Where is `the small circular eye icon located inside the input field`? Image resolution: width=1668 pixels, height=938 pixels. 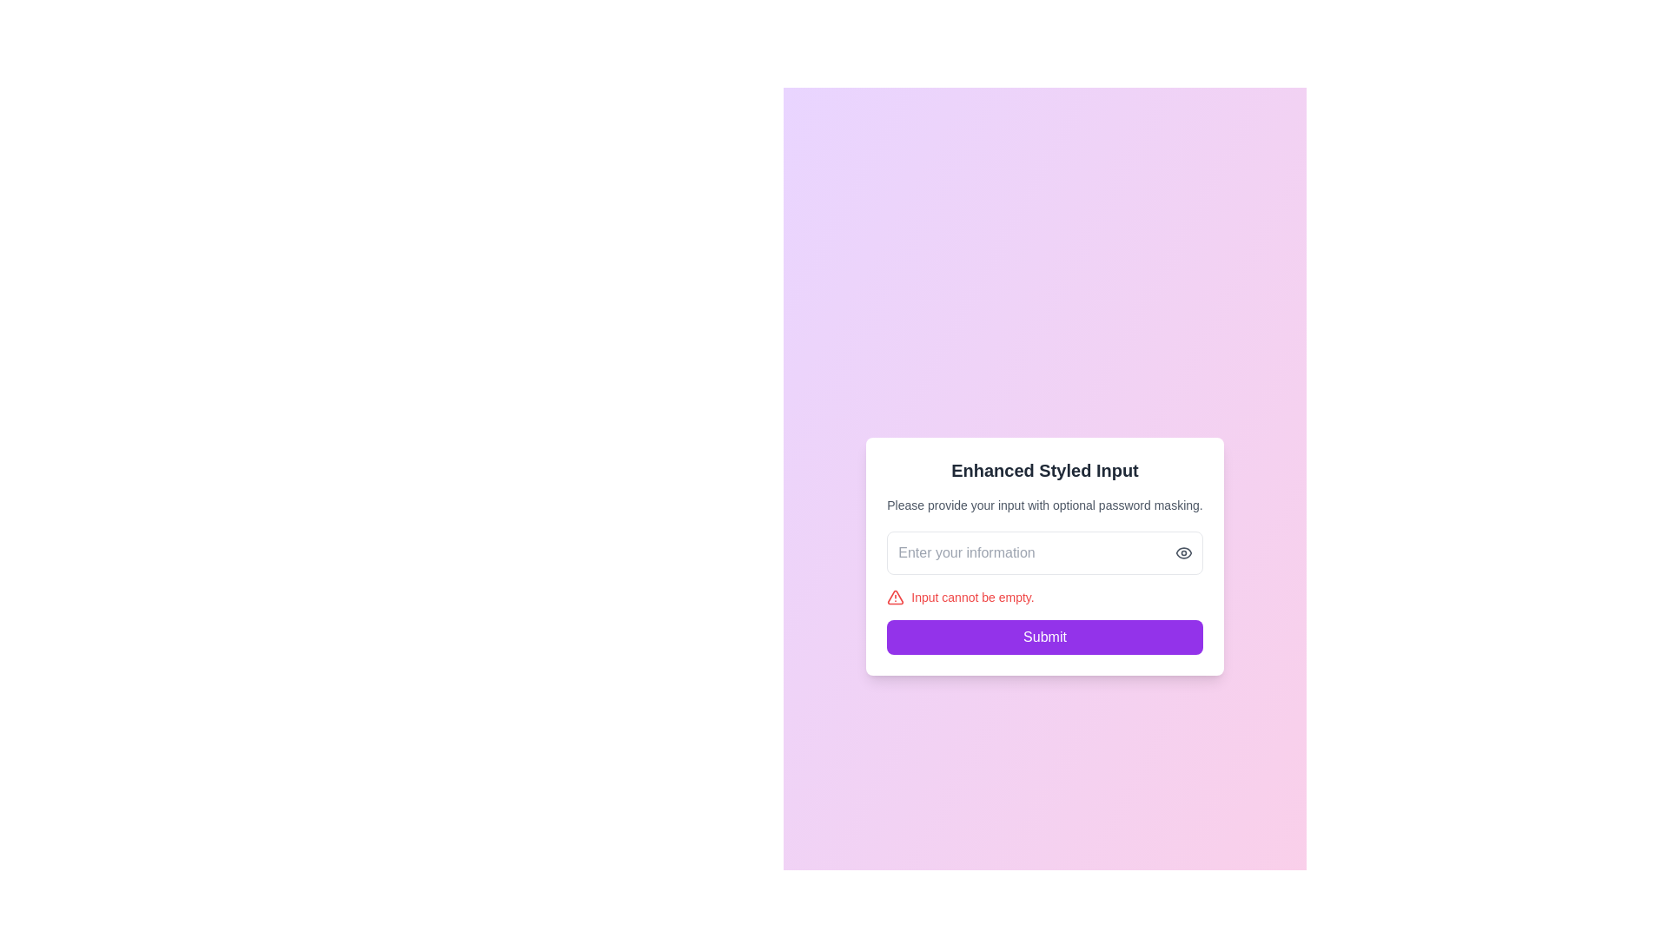 the small circular eye icon located inside the input field is located at coordinates (1182, 552).